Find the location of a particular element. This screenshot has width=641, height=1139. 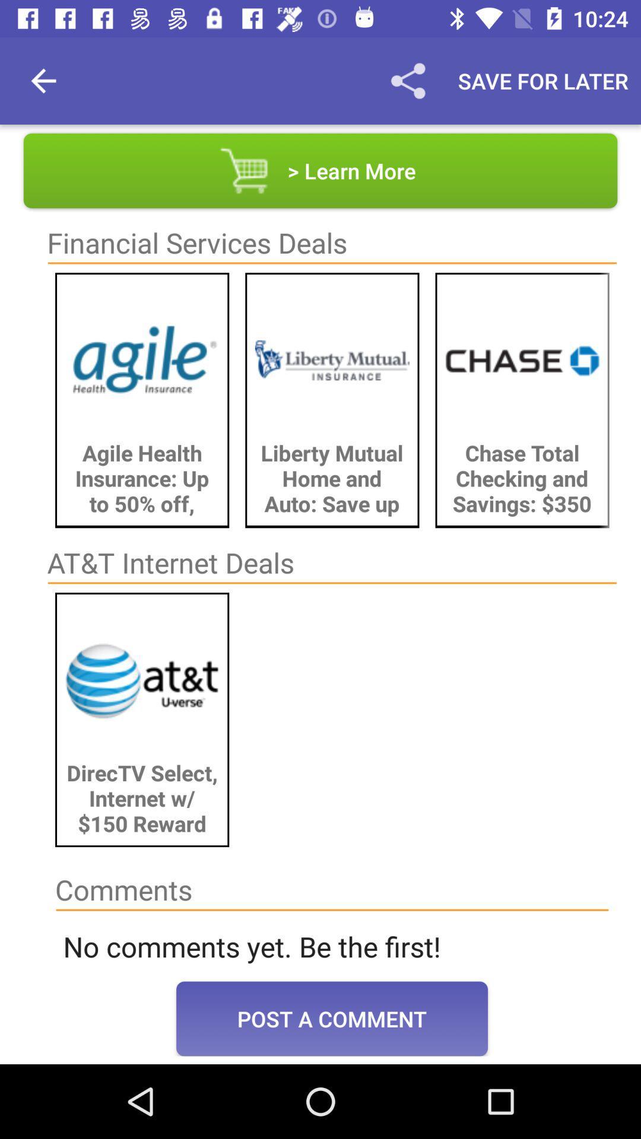

the icon above the > learn more is located at coordinates (407, 80).